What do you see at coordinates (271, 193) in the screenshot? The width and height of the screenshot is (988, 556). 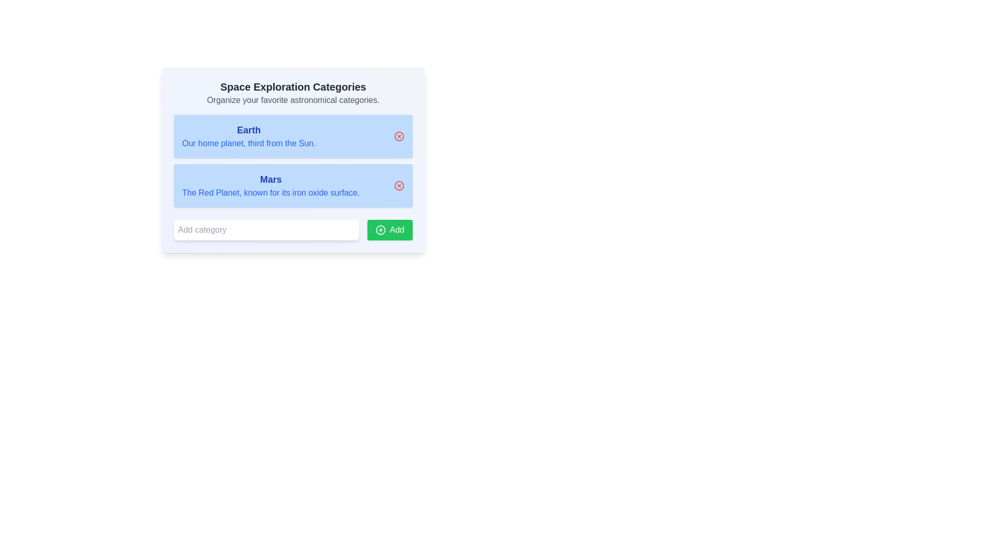 I see `descriptive information displayed by the Text Label indicating Mars' nickname 'The Red Planet' and its iron oxide-rich surface, which is positioned directly below the title 'Mars'` at bounding box center [271, 193].